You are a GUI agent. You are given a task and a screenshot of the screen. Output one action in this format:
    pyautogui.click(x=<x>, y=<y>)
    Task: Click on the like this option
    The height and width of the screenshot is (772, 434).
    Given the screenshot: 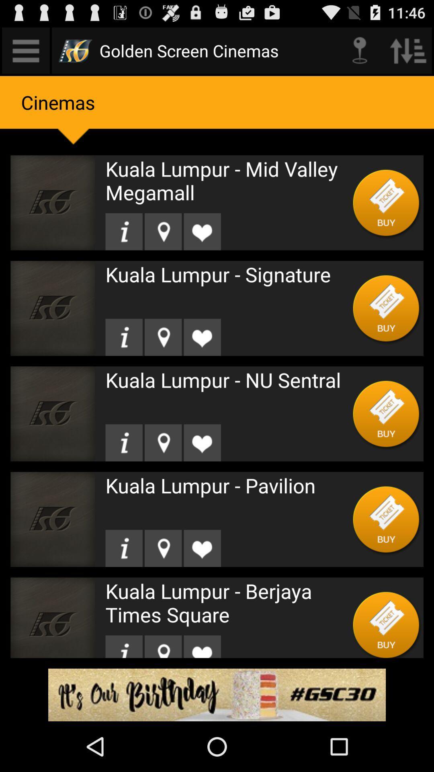 What is the action you would take?
    pyautogui.click(x=202, y=337)
    